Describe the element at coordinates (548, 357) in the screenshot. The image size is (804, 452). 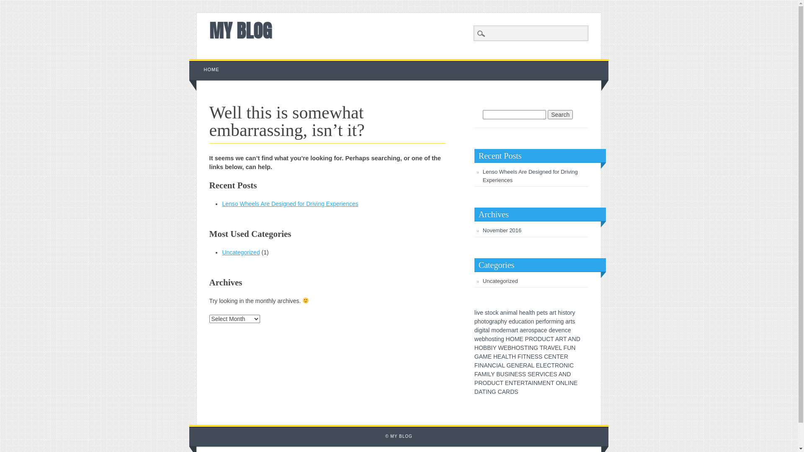
I see `'E'` at that location.